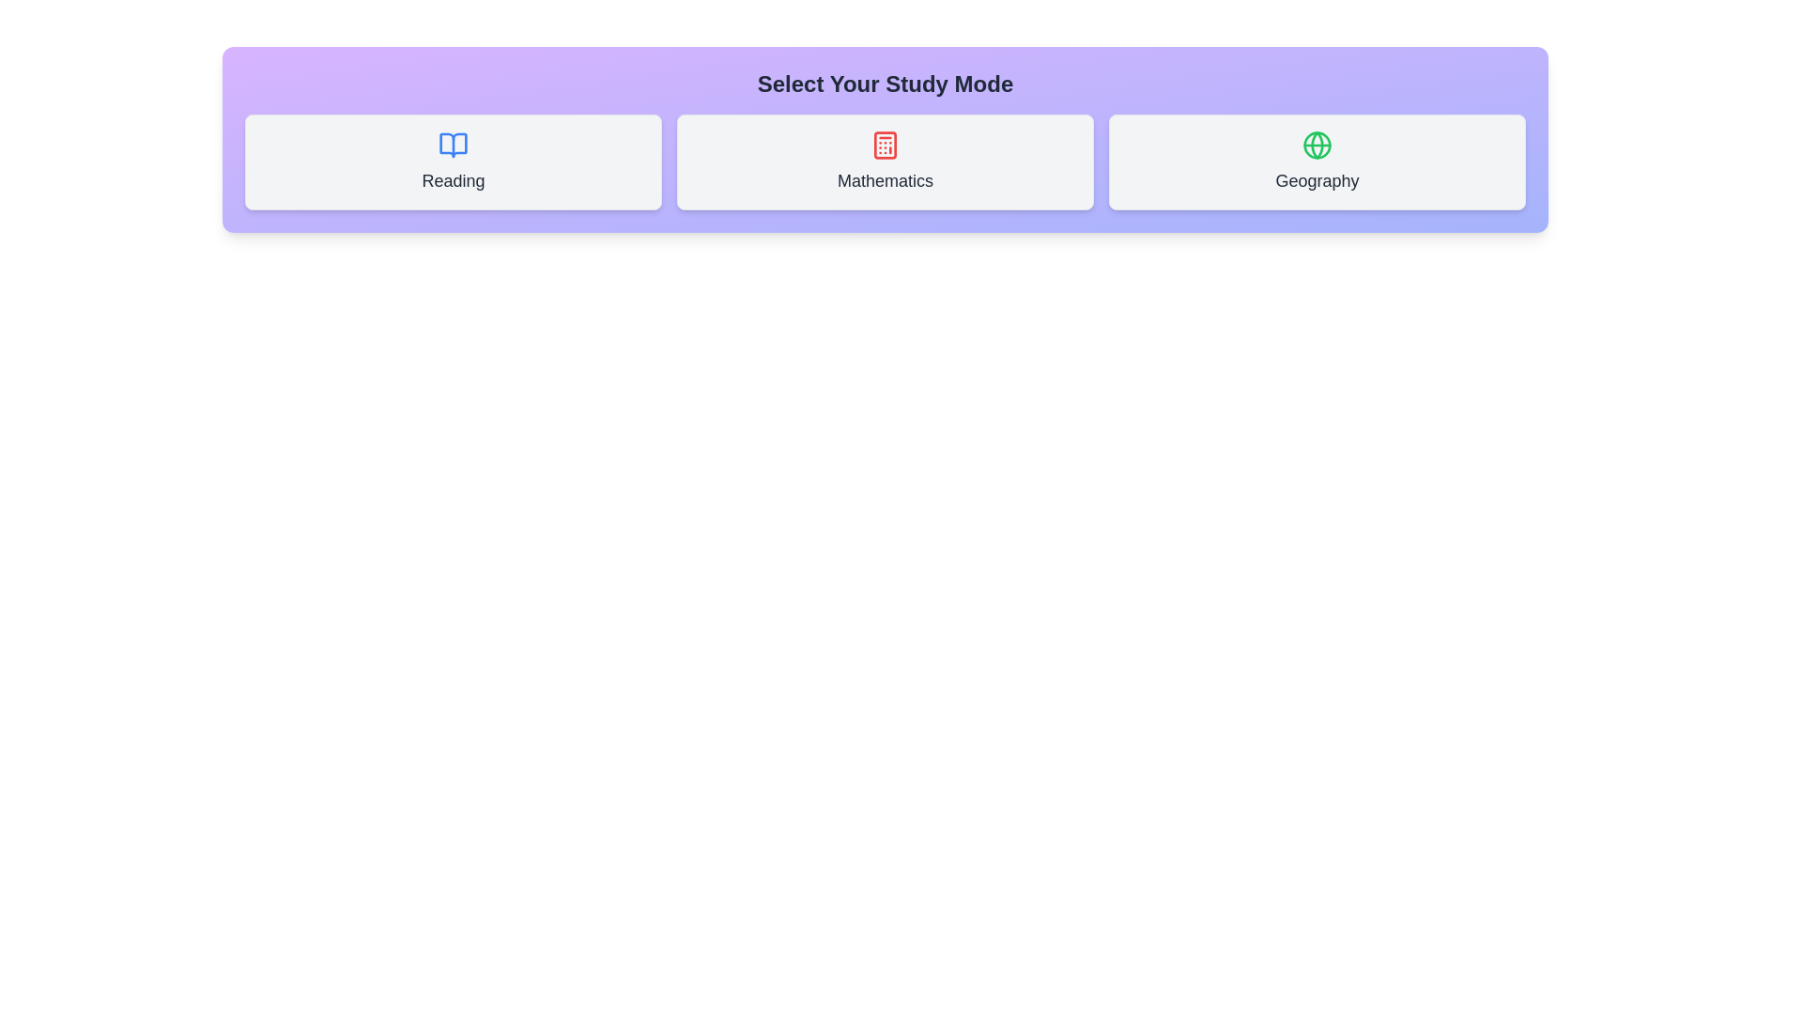  What do you see at coordinates (454, 161) in the screenshot?
I see `the button corresponding to the study mode Reading` at bounding box center [454, 161].